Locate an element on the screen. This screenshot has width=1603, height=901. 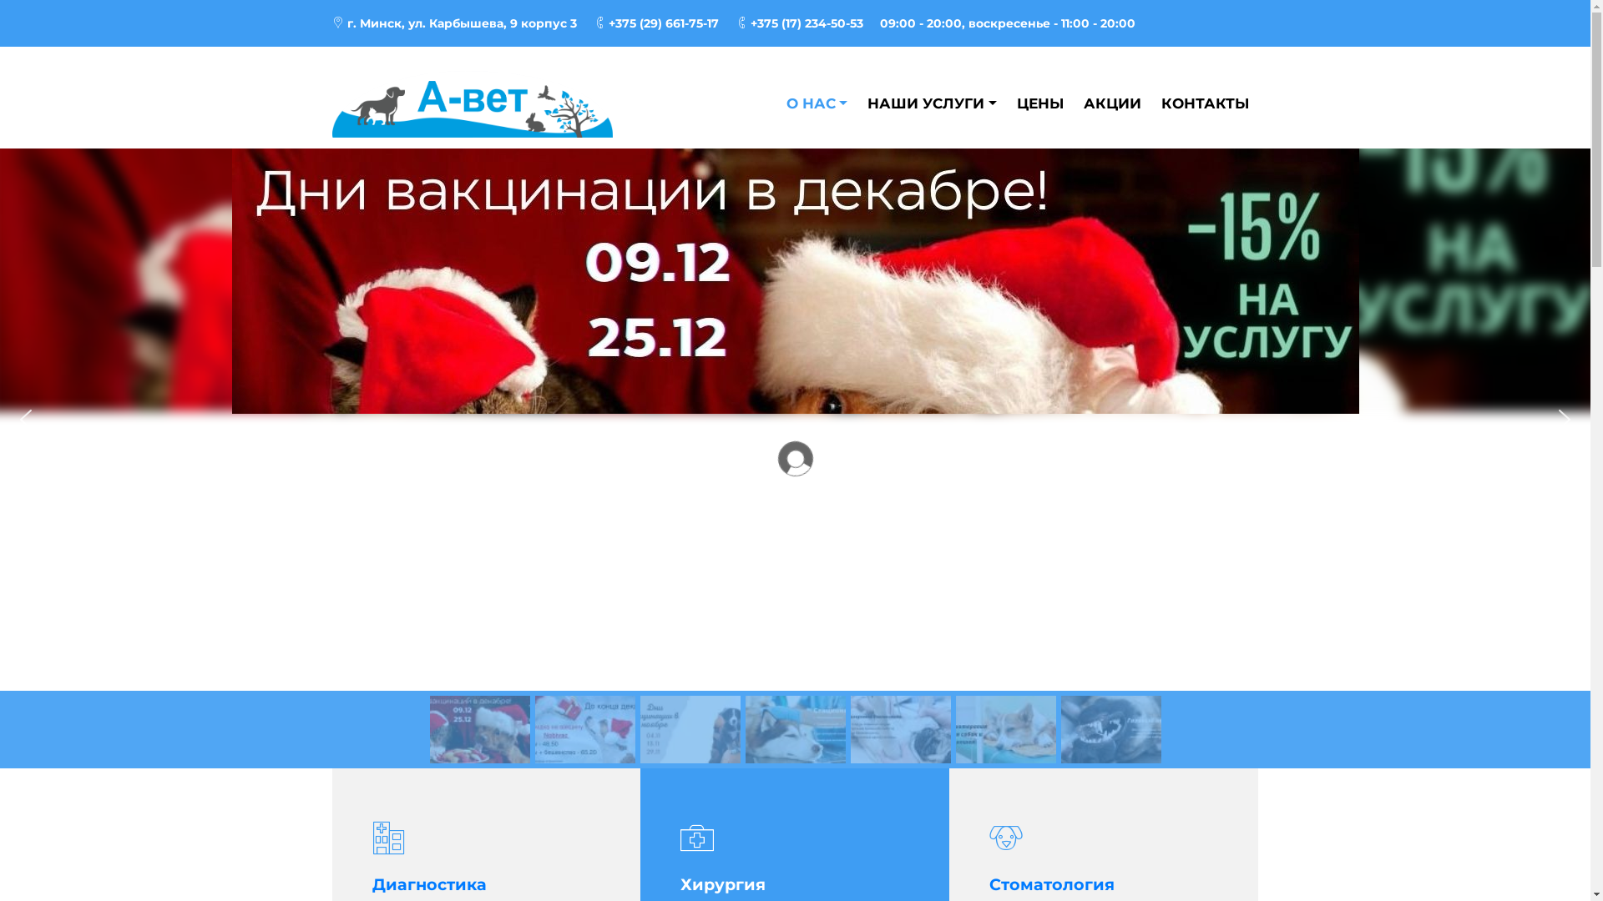
'+375 (17) 234-50-53' is located at coordinates (734, 23).